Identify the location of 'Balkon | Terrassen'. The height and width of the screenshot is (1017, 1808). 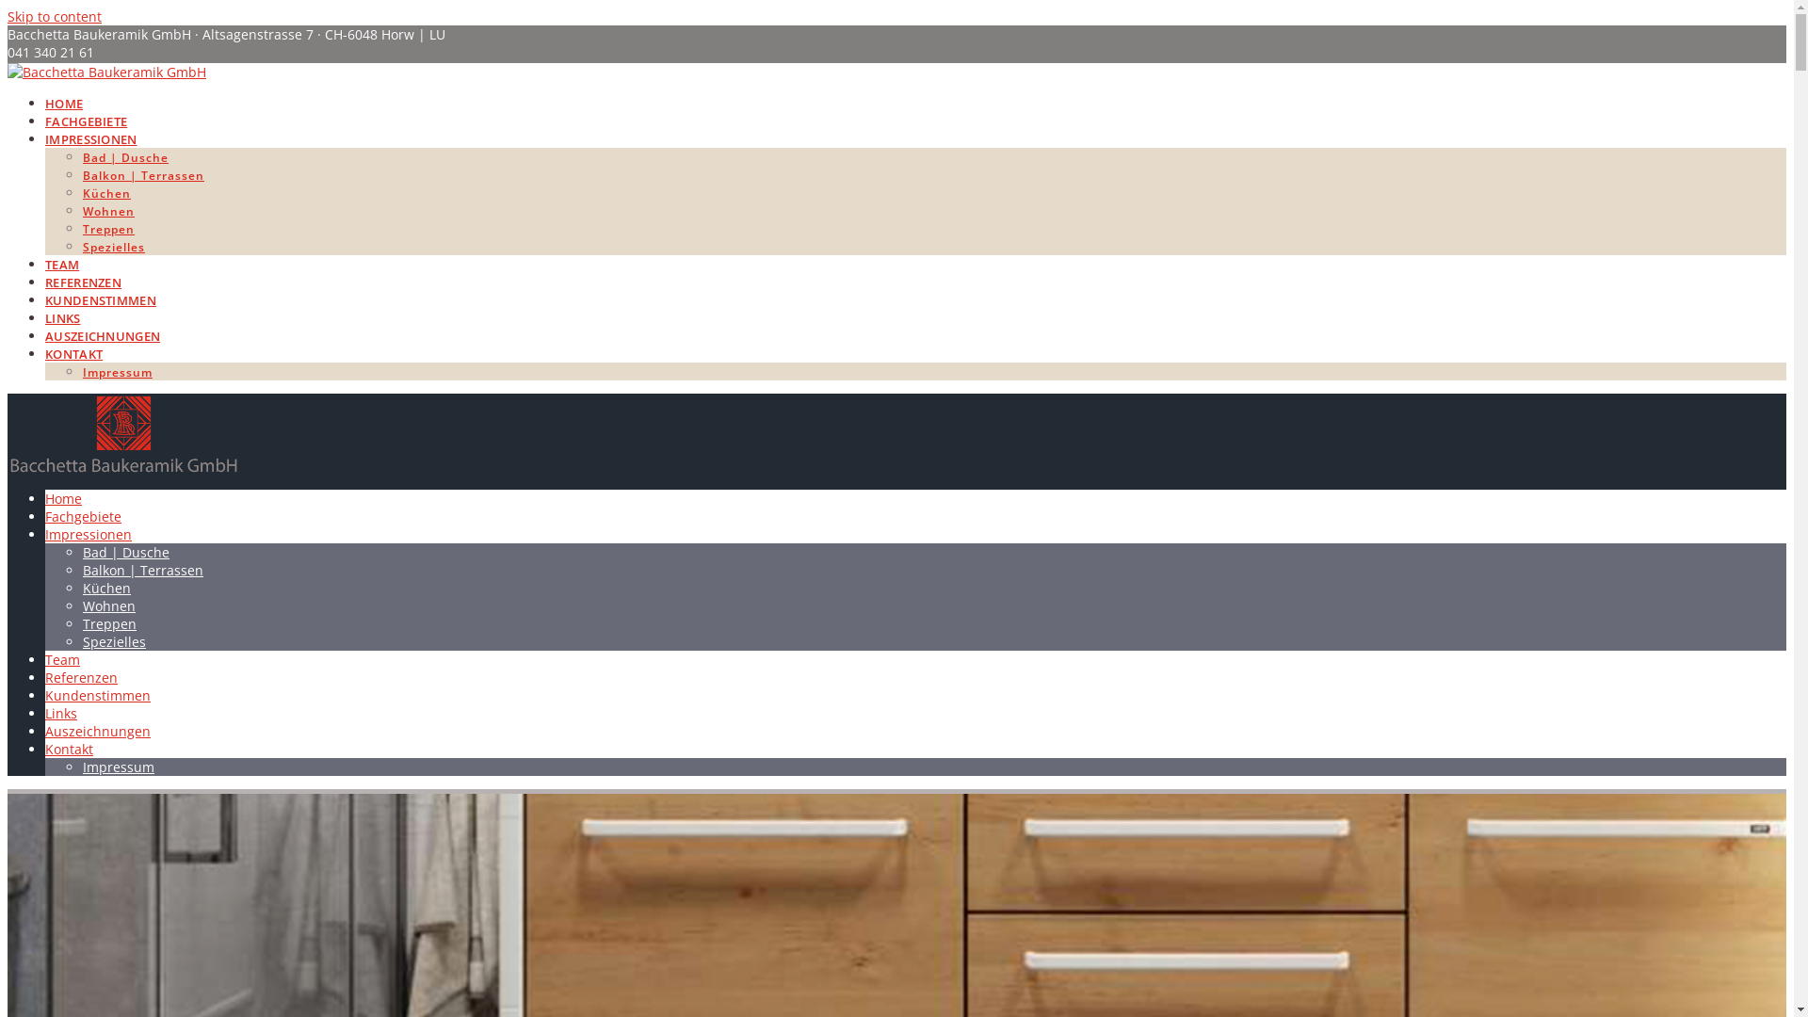
(142, 175).